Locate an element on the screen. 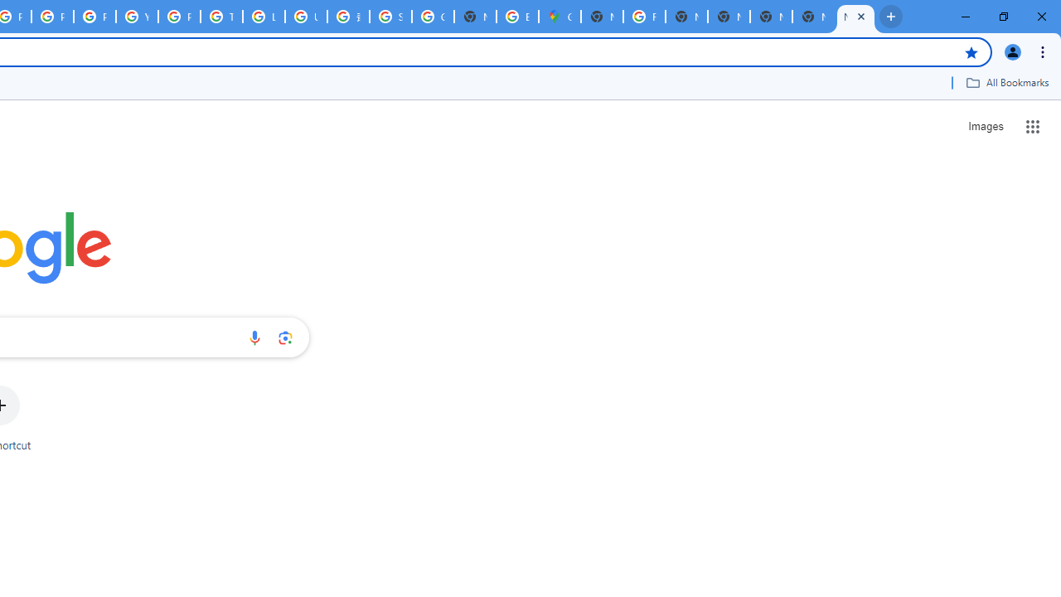  'Explore new street-level details - Google Maps Help' is located at coordinates (516, 17).